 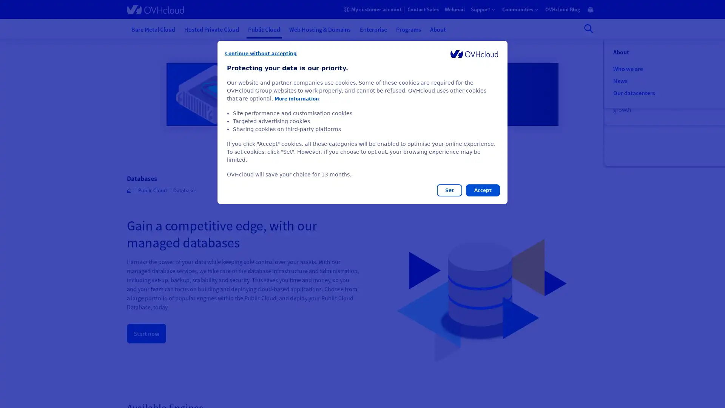 I want to click on Open search bar, so click(x=588, y=28).